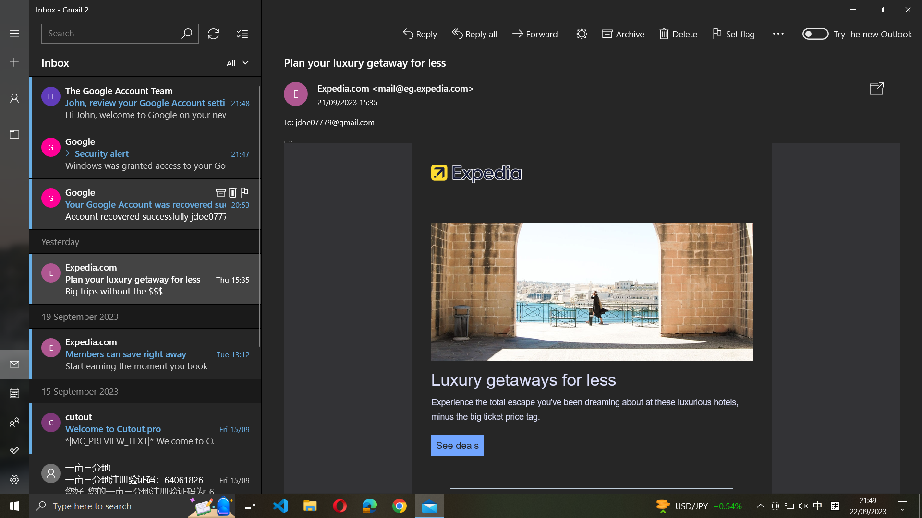 The image size is (922, 518). Describe the element at coordinates (622, 32) in the screenshot. I see `Transfer the existing email to the archive folder` at that location.